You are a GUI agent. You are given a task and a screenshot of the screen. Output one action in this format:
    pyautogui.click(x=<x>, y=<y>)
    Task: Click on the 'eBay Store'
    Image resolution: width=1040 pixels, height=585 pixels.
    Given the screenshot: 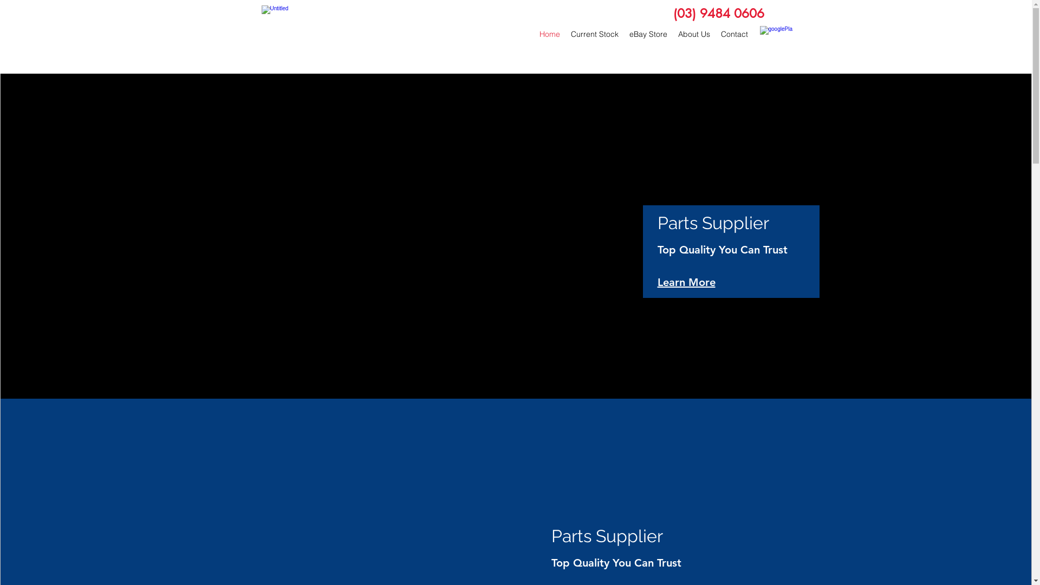 What is the action you would take?
    pyautogui.click(x=648, y=33)
    